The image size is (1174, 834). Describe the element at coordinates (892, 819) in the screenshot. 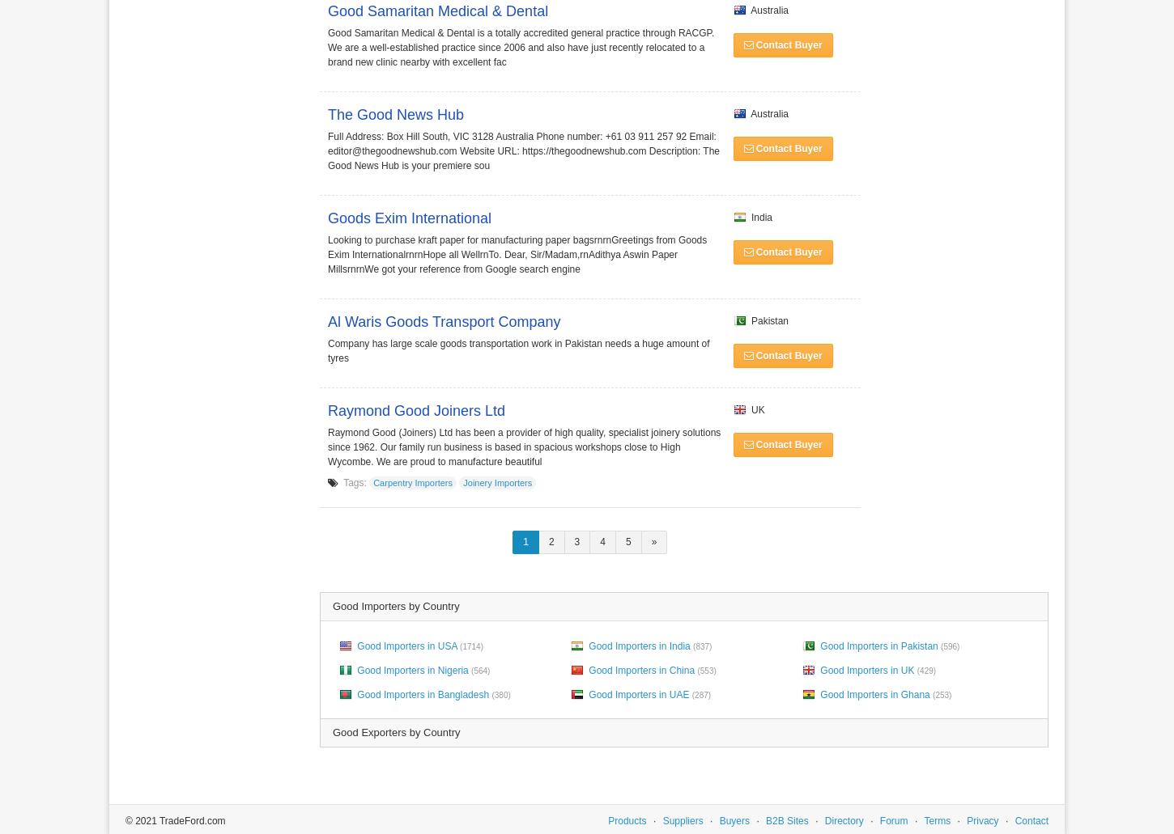

I see `'Forum'` at that location.